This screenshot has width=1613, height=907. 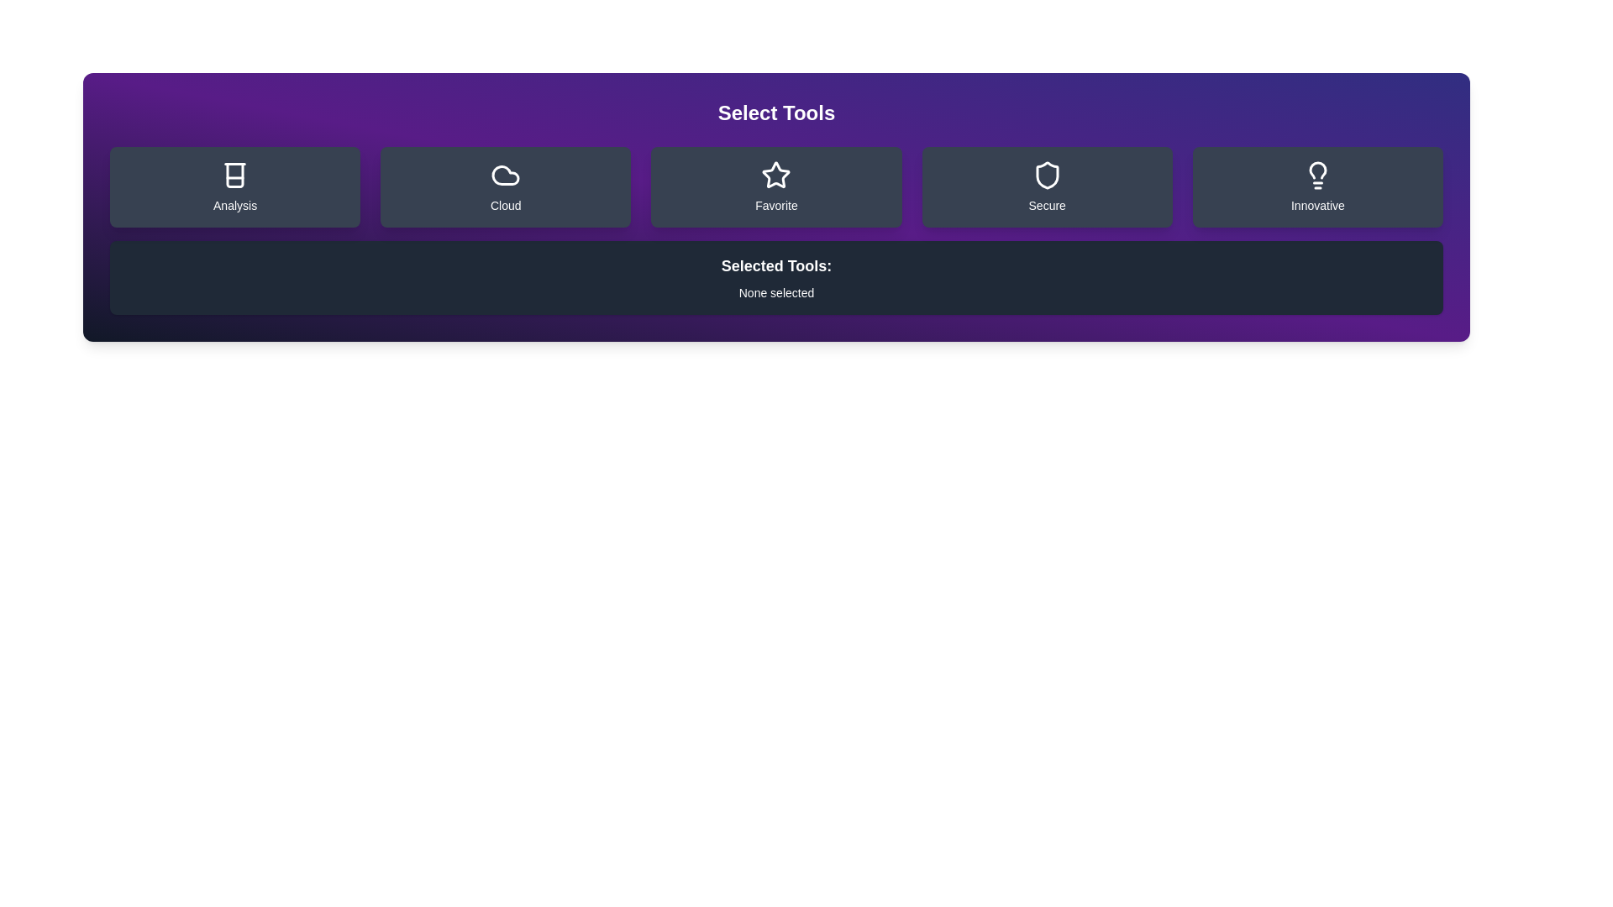 What do you see at coordinates (775, 175) in the screenshot?
I see `the star icon with a dark outline and a hollow center, which is centered within the 'Favorite' button located in the middle of the top row of controls` at bounding box center [775, 175].